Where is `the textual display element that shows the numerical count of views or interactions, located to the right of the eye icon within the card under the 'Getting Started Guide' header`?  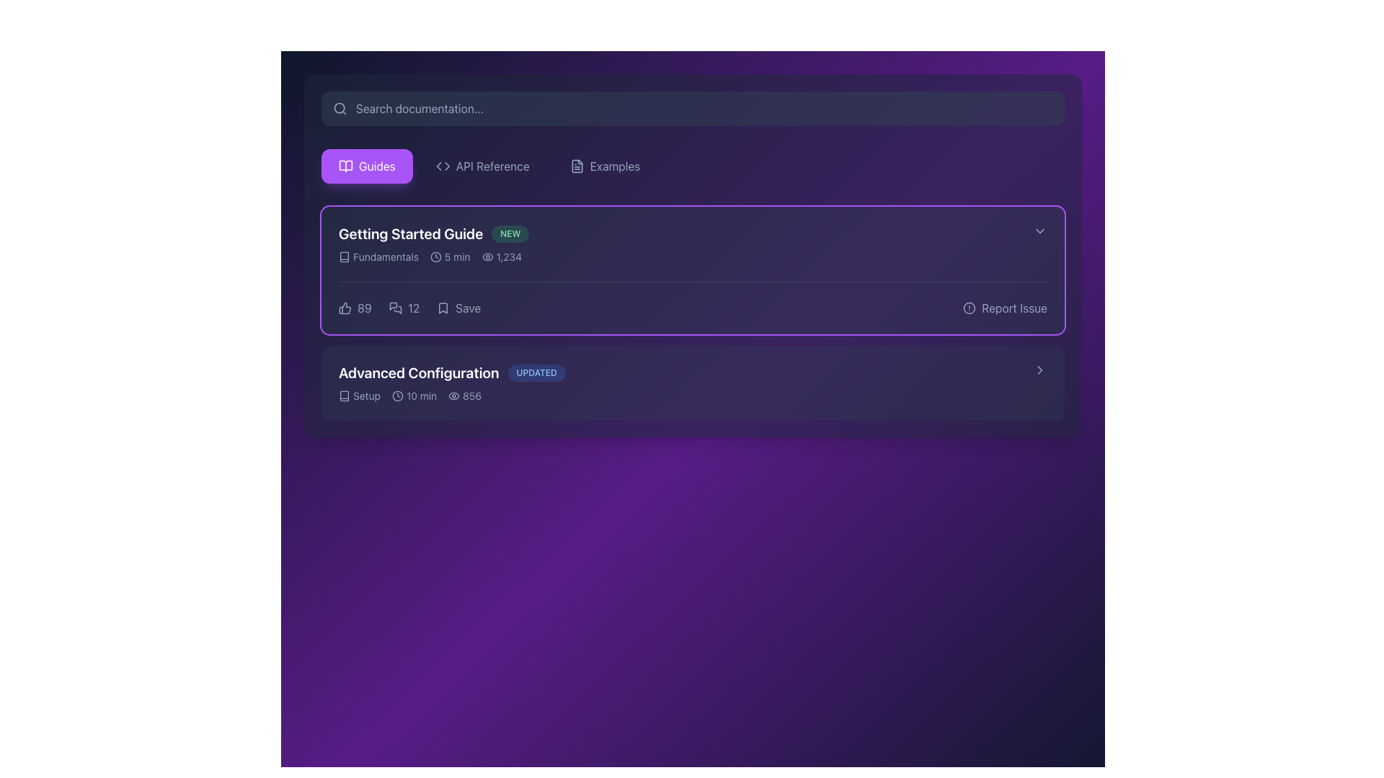 the textual display element that shows the numerical count of views or interactions, located to the right of the eye icon within the card under the 'Getting Started Guide' header is located at coordinates (509, 256).